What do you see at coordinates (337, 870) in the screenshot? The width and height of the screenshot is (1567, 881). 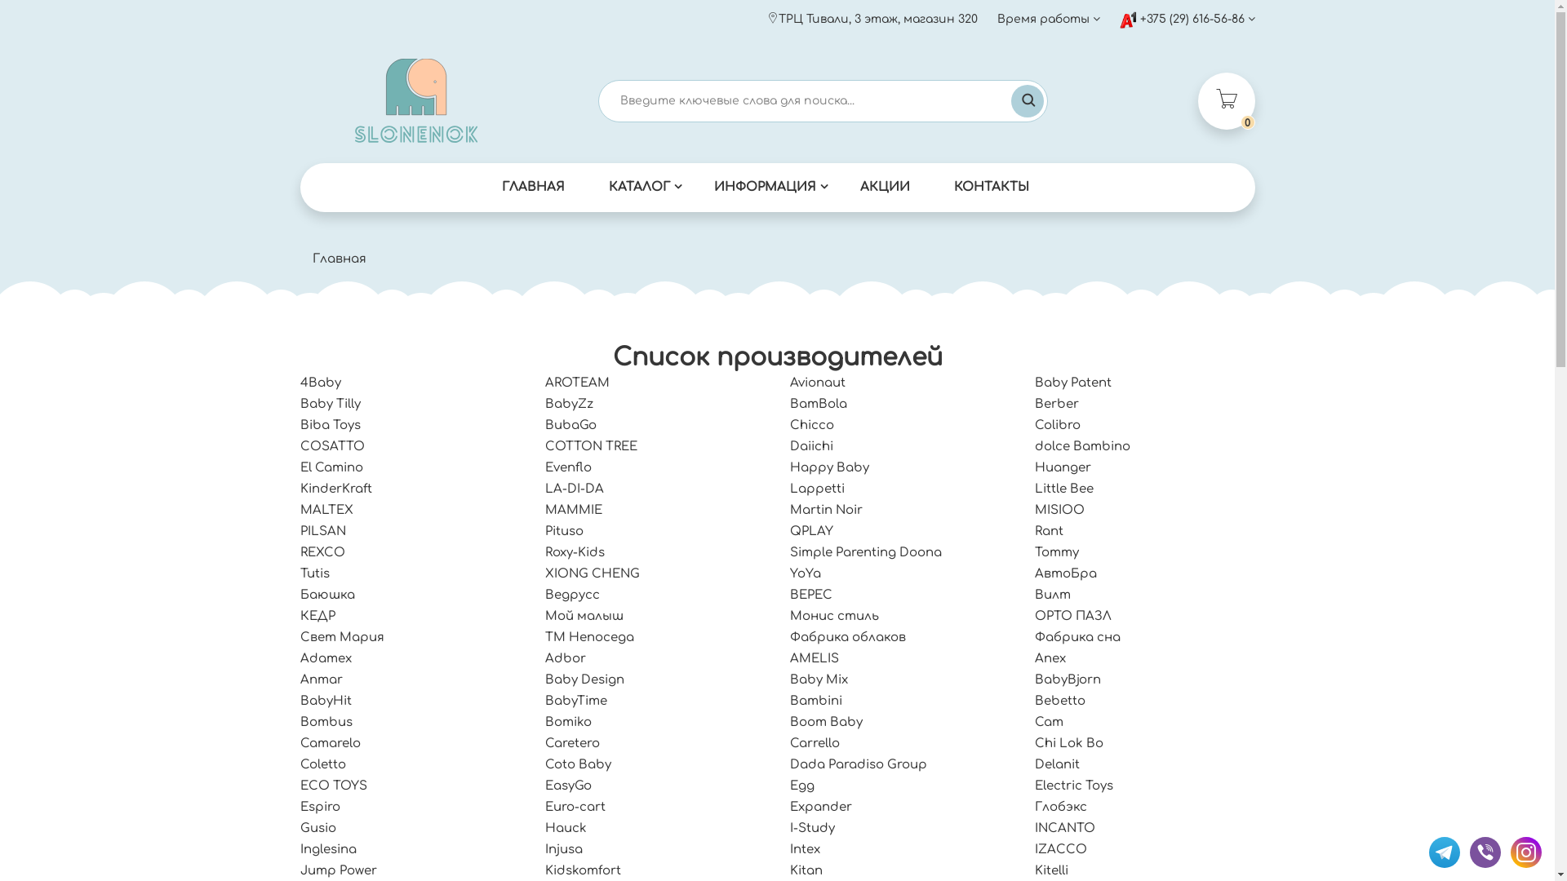 I see `'Jump Power'` at bounding box center [337, 870].